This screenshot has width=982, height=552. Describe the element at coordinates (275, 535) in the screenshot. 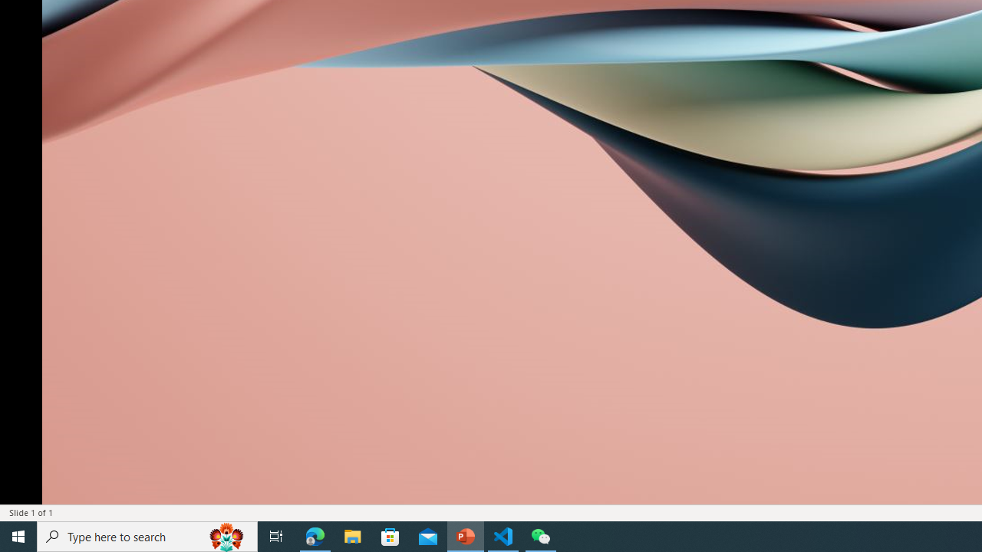

I see `'Task View'` at that location.